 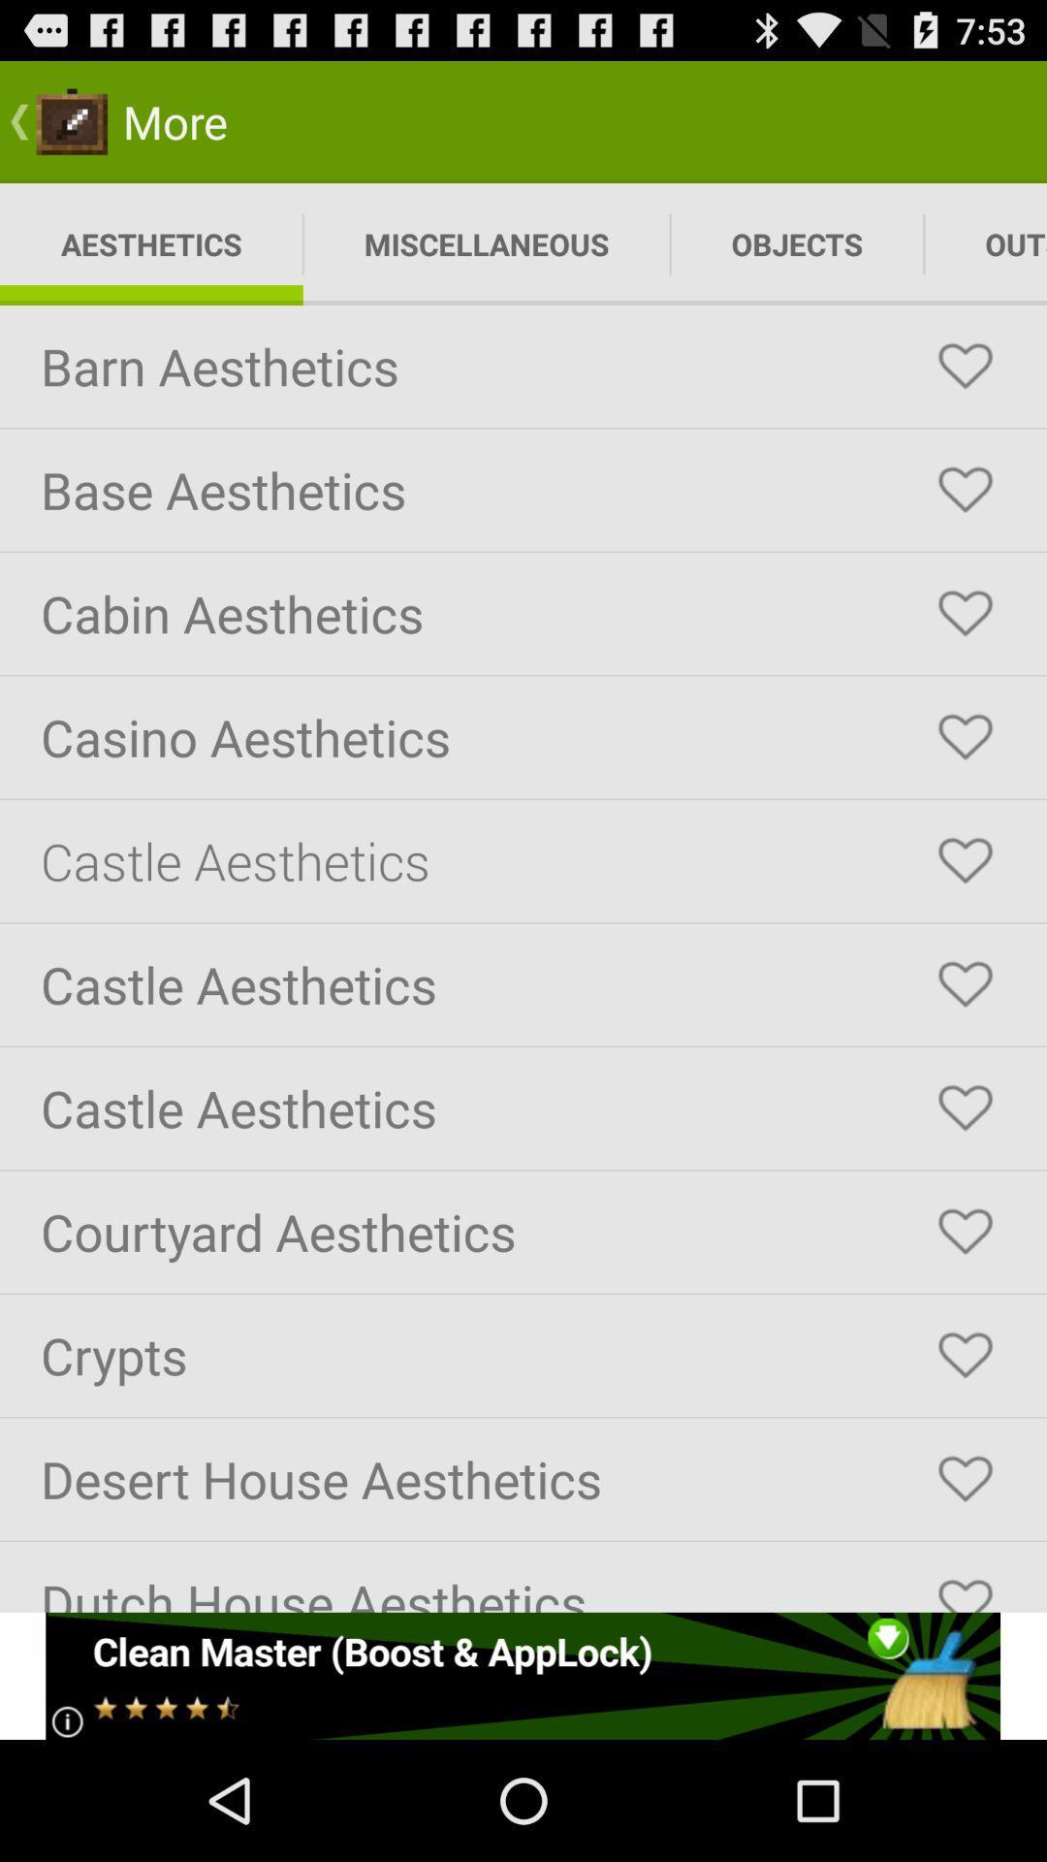 I want to click on like castle aesthetics, so click(x=965, y=984).